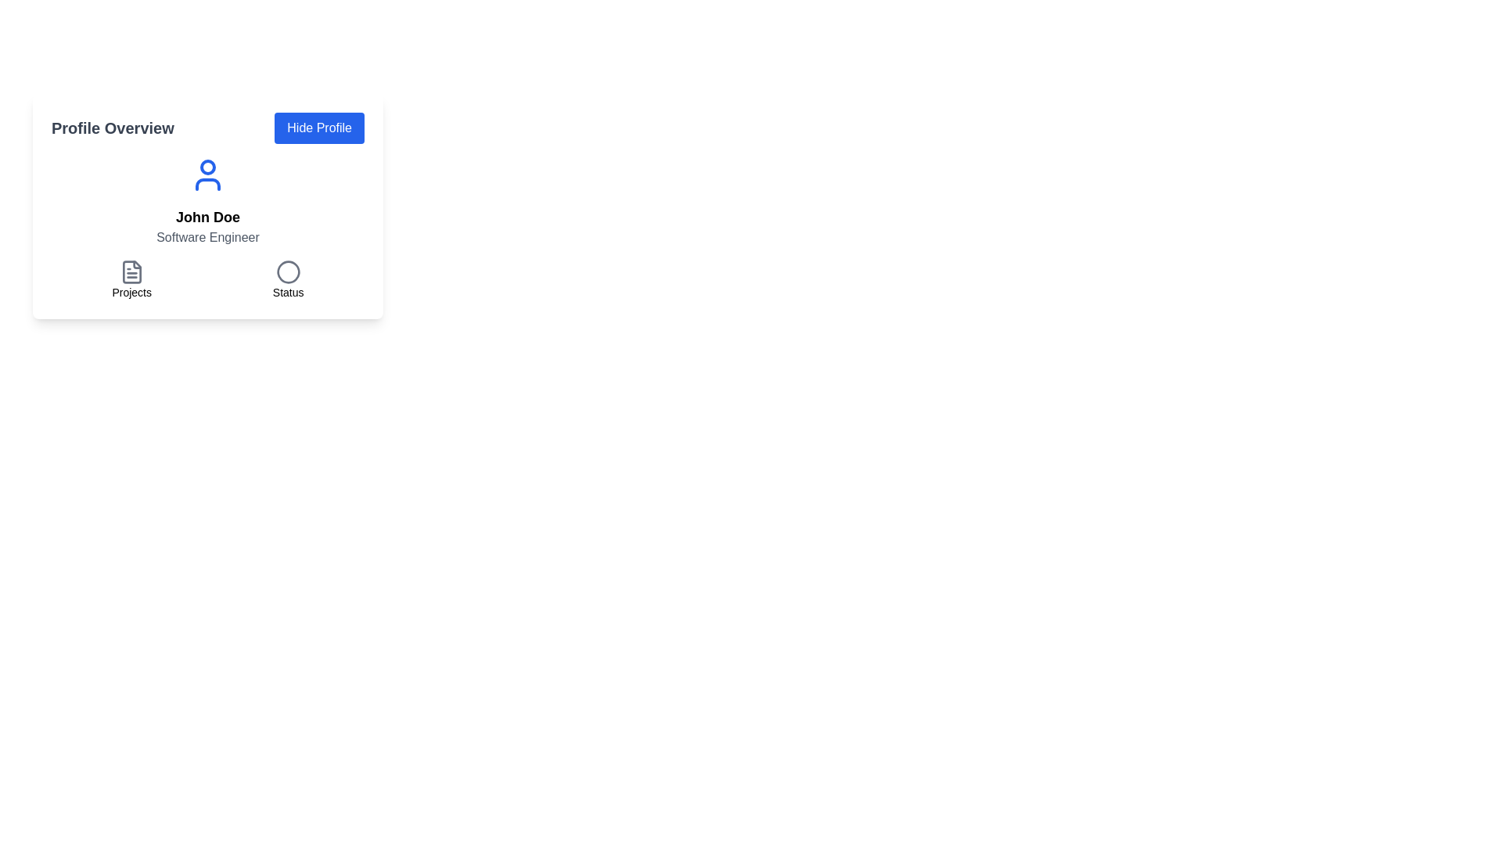 Image resolution: width=1502 pixels, height=845 pixels. I want to click on the Text label that describes the circular icon above it, located in the bottom-right section of the card layout, so click(288, 293).